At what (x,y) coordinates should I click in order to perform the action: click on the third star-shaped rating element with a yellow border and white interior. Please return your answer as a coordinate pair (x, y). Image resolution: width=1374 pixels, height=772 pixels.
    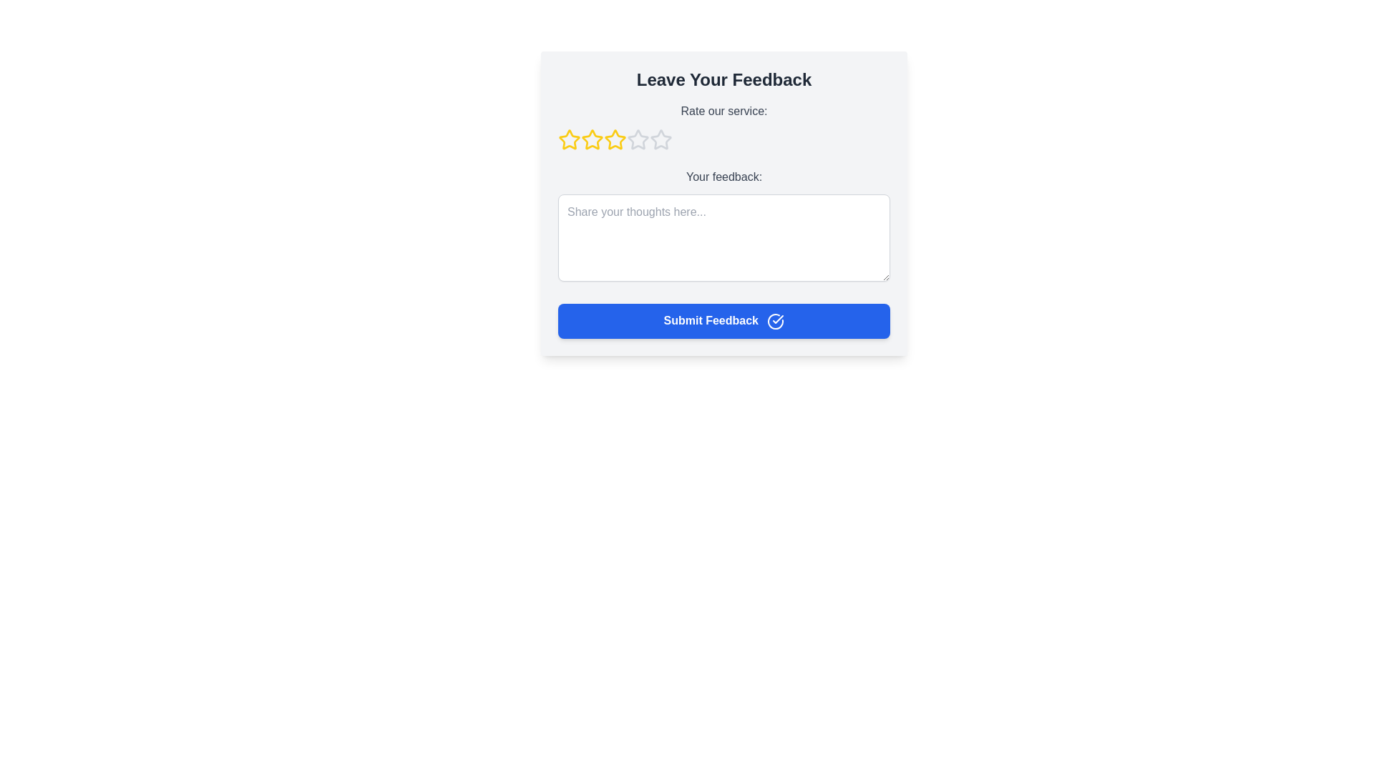
    Looking at the image, I should click on (615, 139).